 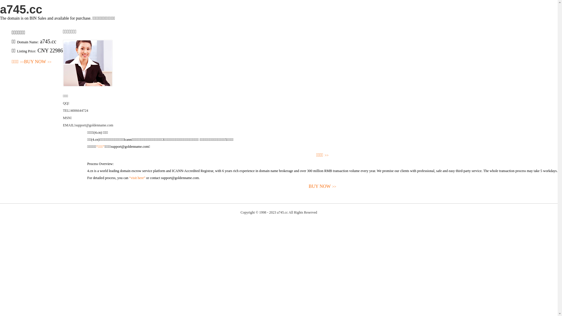 I want to click on 'BUY NOW>>', so click(x=23, y=62).